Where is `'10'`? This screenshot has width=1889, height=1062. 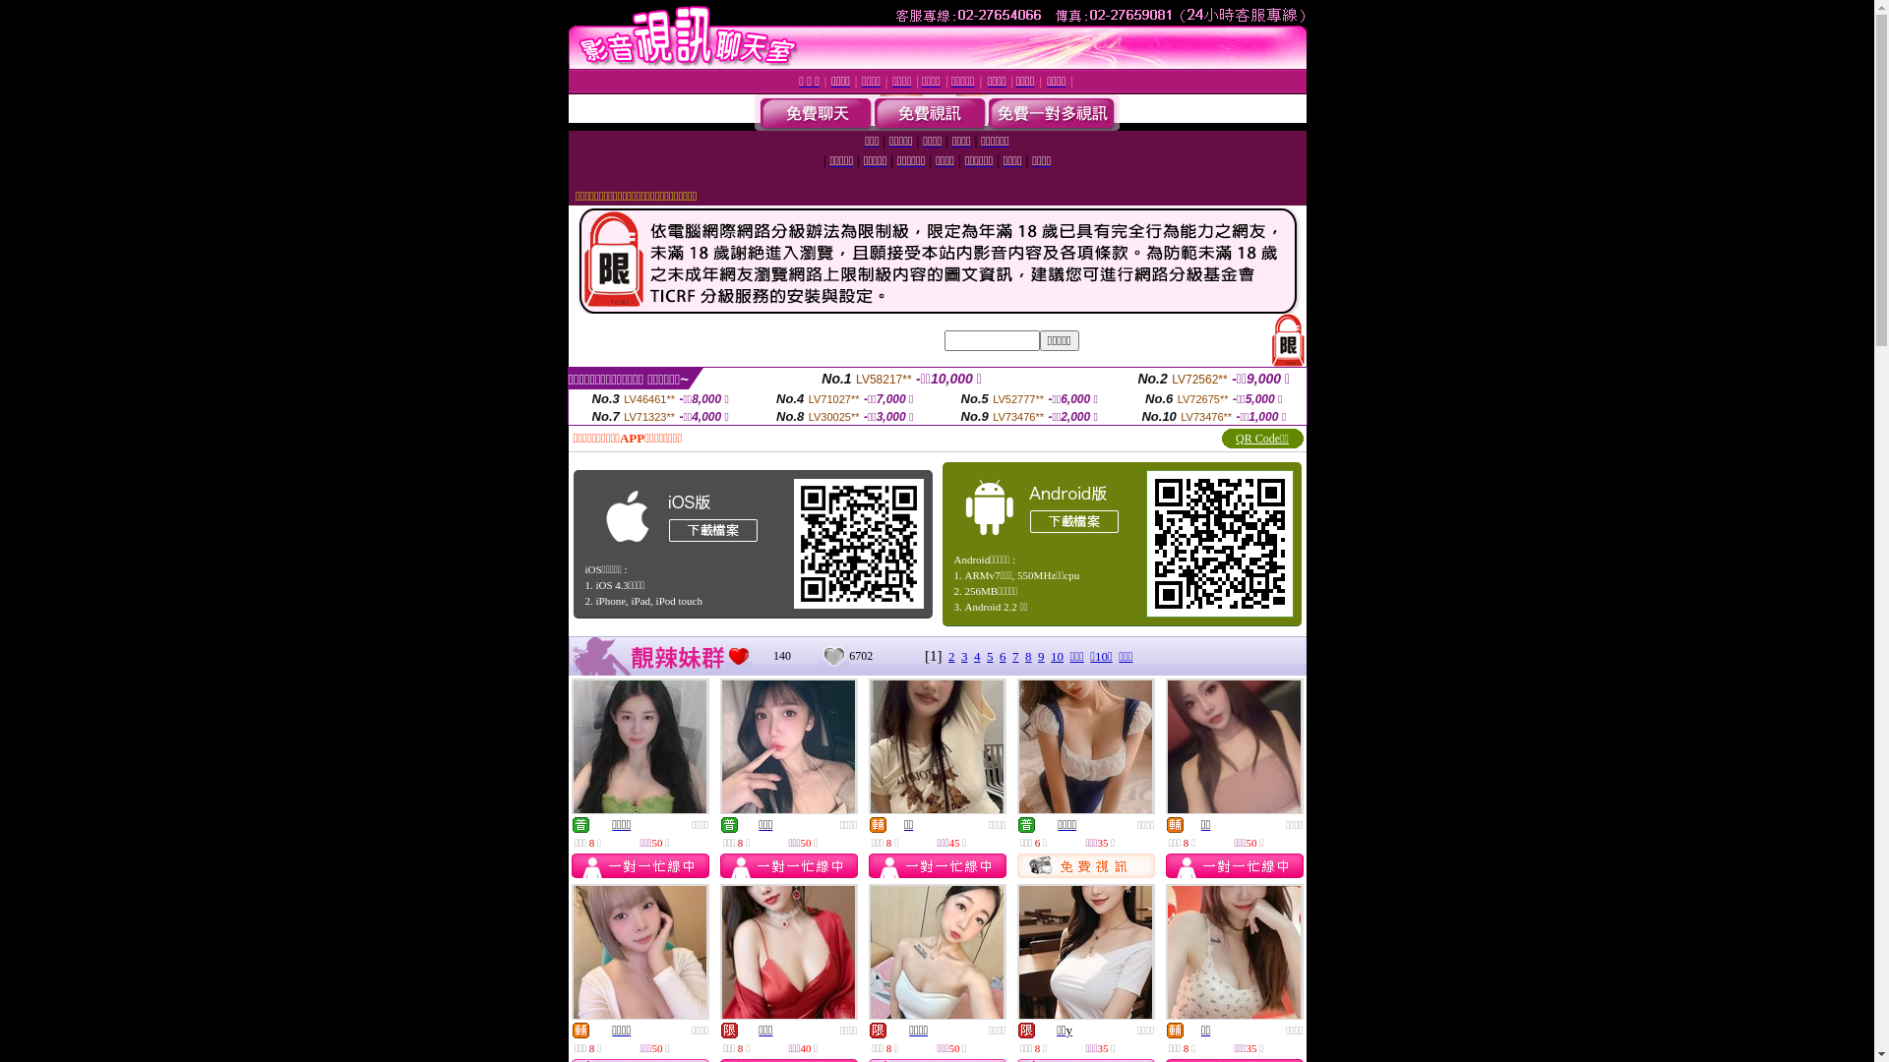 '10' is located at coordinates (1056, 656).